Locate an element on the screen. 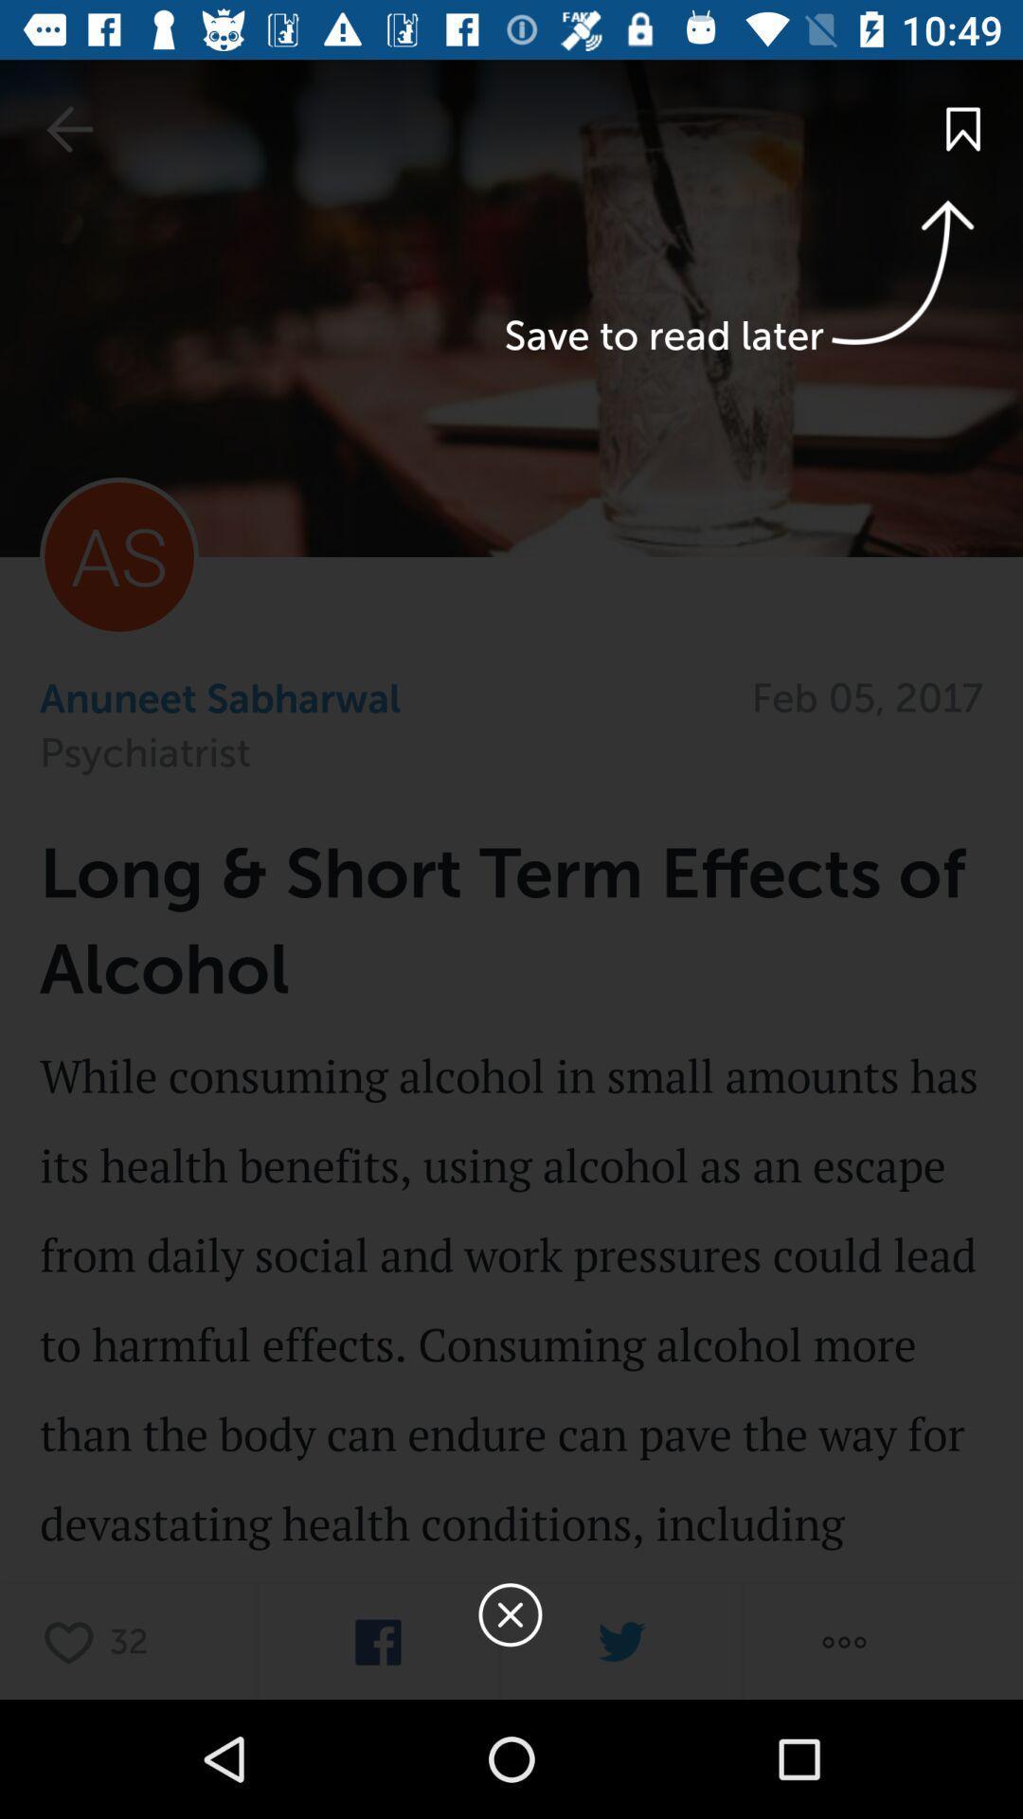 This screenshot has width=1023, height=1819. twitter option is located at coordinates (620, 1641).